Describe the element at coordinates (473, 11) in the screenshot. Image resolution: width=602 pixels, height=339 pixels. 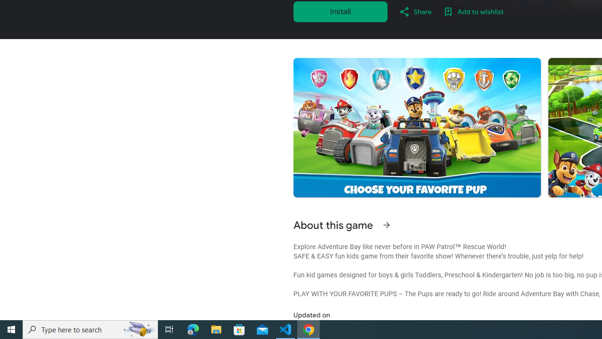
I see `'Add to wishlist'` at that location.